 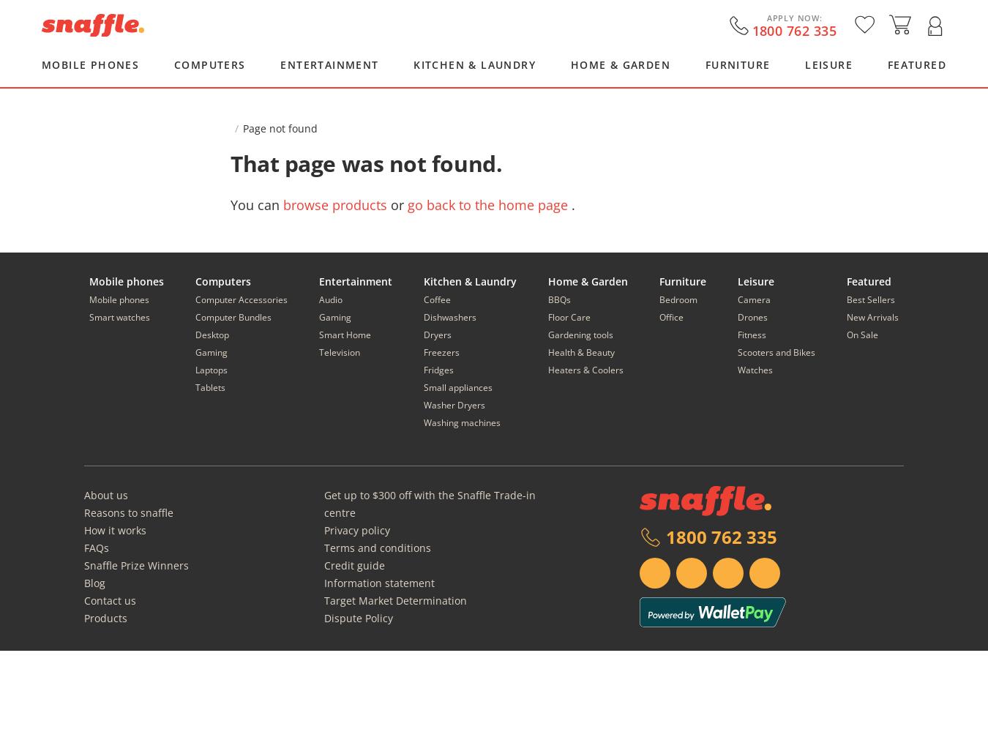 What do you see at coordinates (681, 281) in the screenshot?
I see `'Furniture'` at bounding box center [681, 281].